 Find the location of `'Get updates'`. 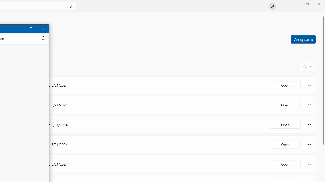

'Get updates' is located at coordinates (303, 39).